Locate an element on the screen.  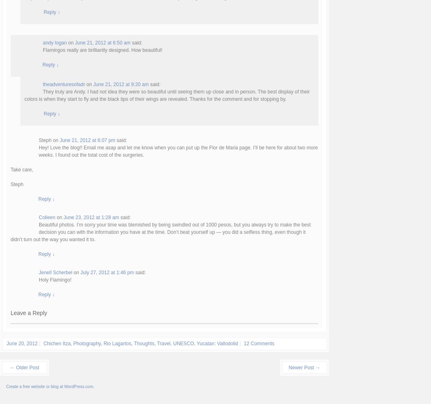
'Rio Lagartos' is located at coordinates (117, 343).